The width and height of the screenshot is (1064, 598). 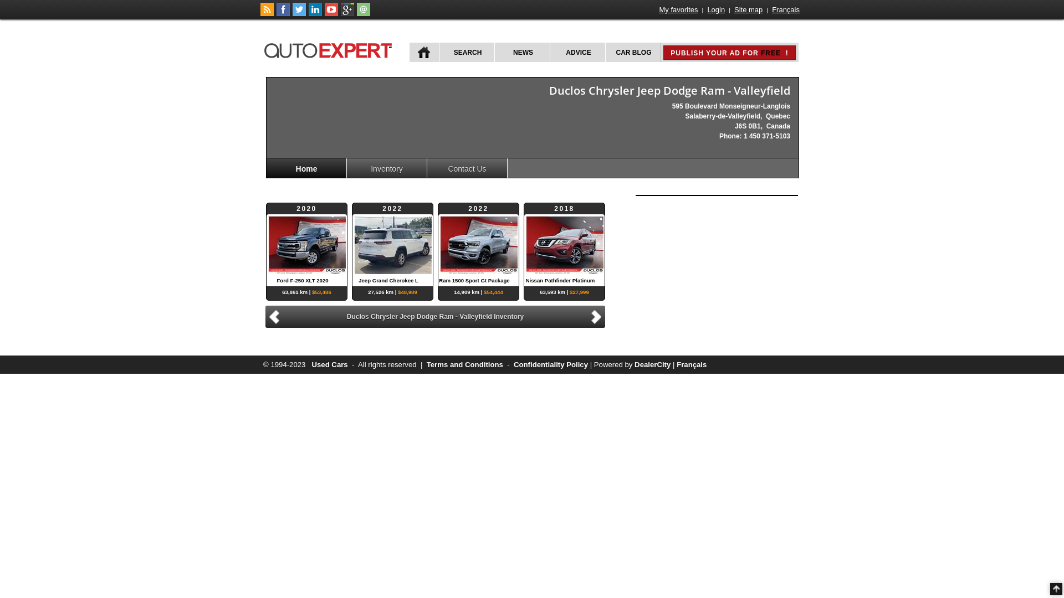 I want to click on 'ADVICE', so click(x=550, y=52).